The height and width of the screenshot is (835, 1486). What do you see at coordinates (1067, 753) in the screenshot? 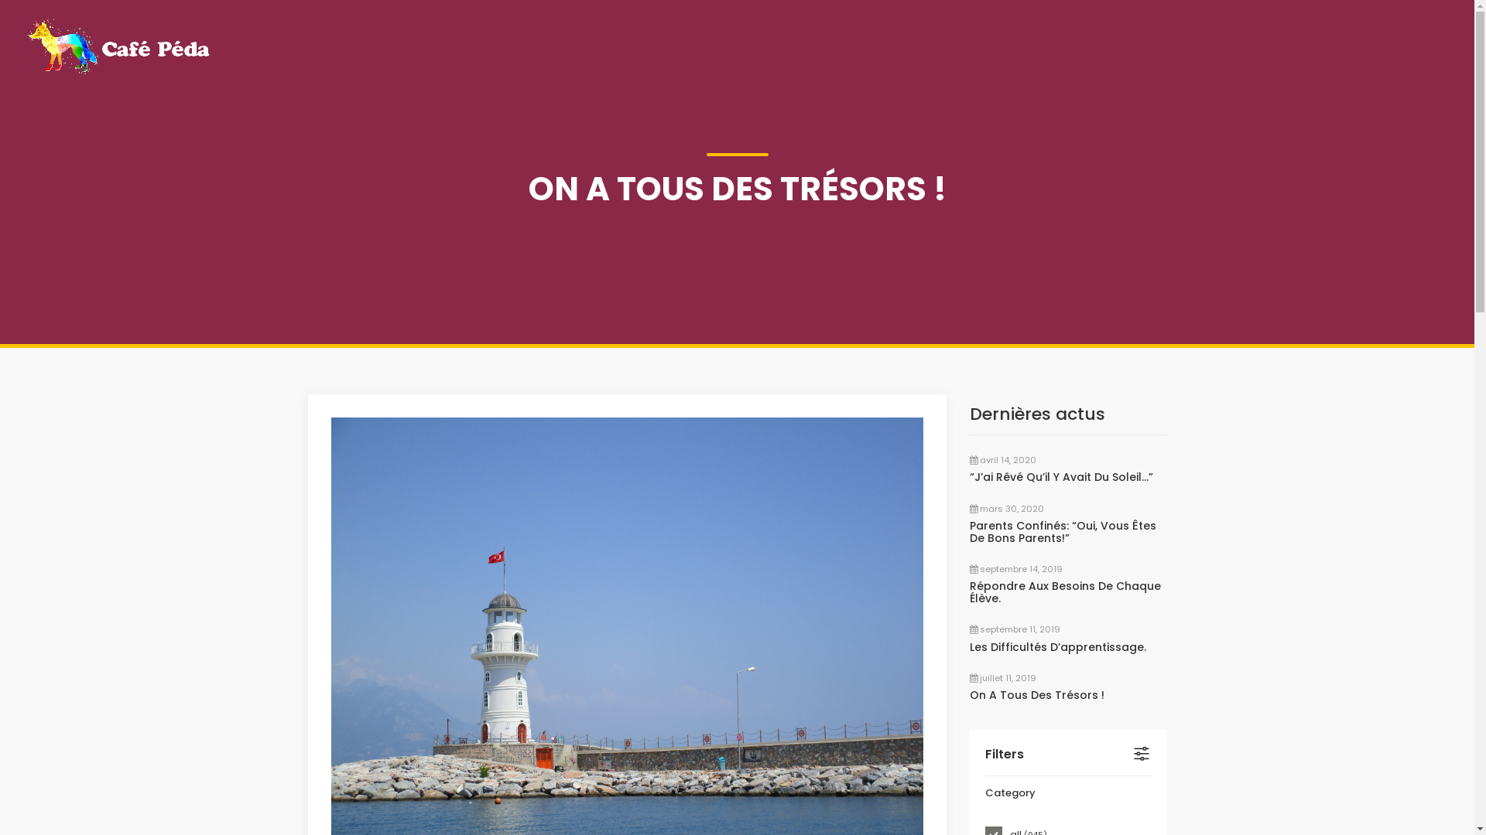
I see `'Filters'` at bounding box center [1067, 753].